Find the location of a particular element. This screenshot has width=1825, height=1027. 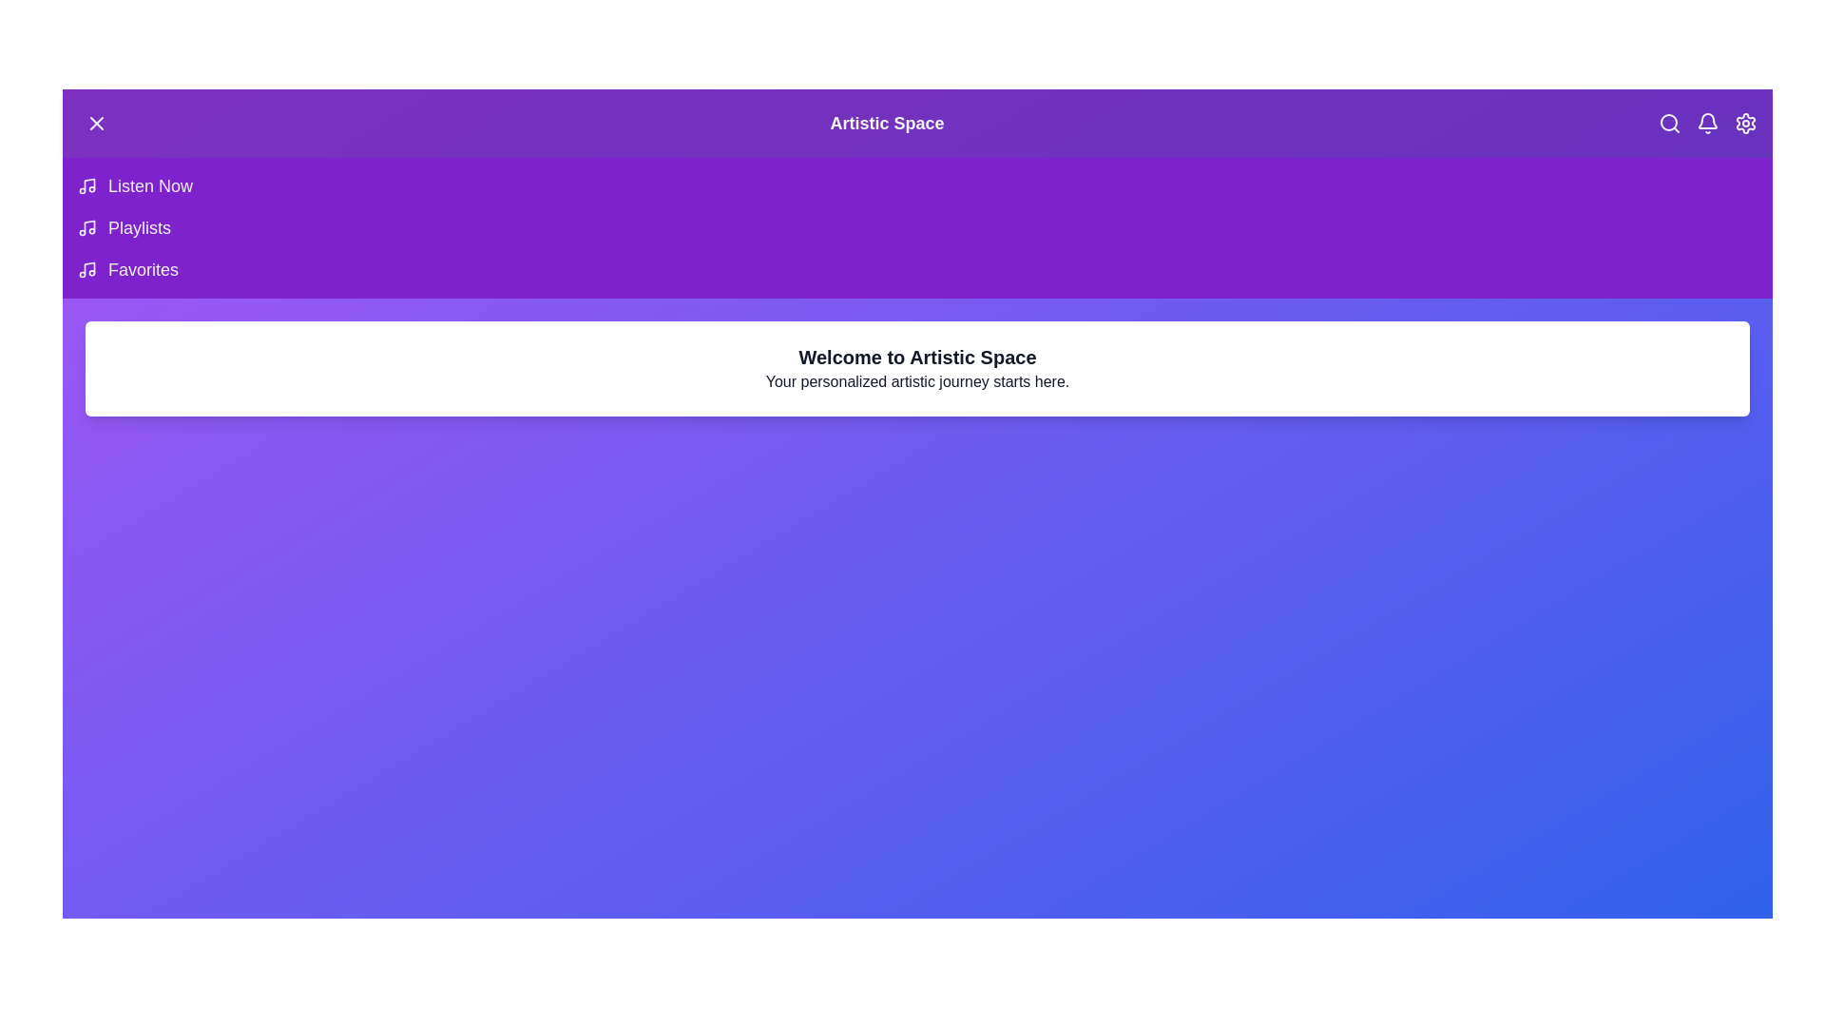

the 'Listen Now' link in the navigation menu is located at coordinates (149, 186).